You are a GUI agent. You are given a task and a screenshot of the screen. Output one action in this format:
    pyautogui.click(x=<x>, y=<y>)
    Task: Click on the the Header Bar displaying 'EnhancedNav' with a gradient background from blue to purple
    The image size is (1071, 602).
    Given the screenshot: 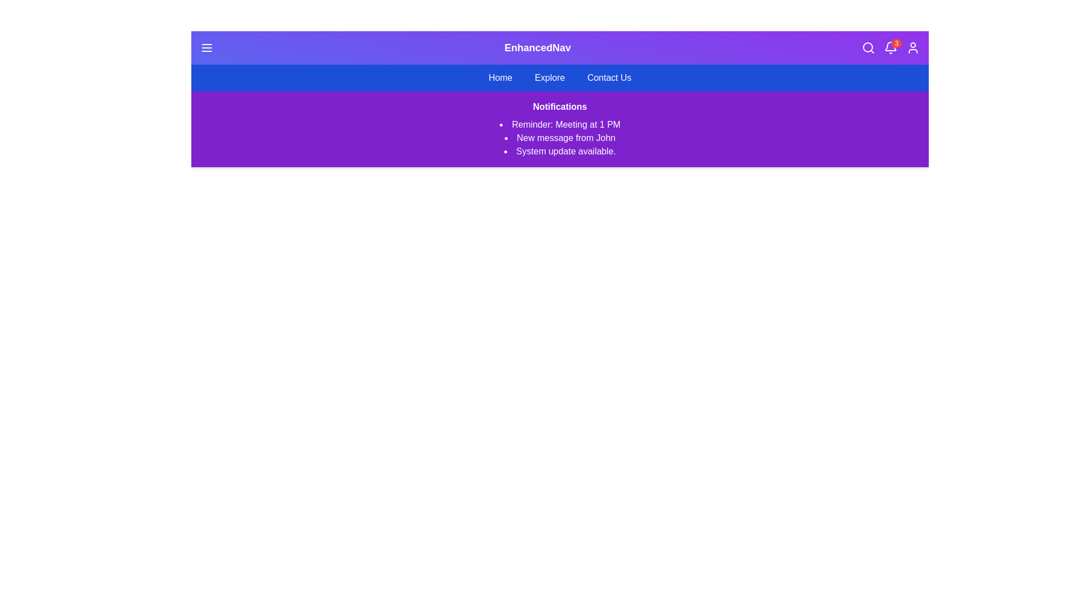 What is the action you would take?
    pyautogui.click(x=559, y=47)
    